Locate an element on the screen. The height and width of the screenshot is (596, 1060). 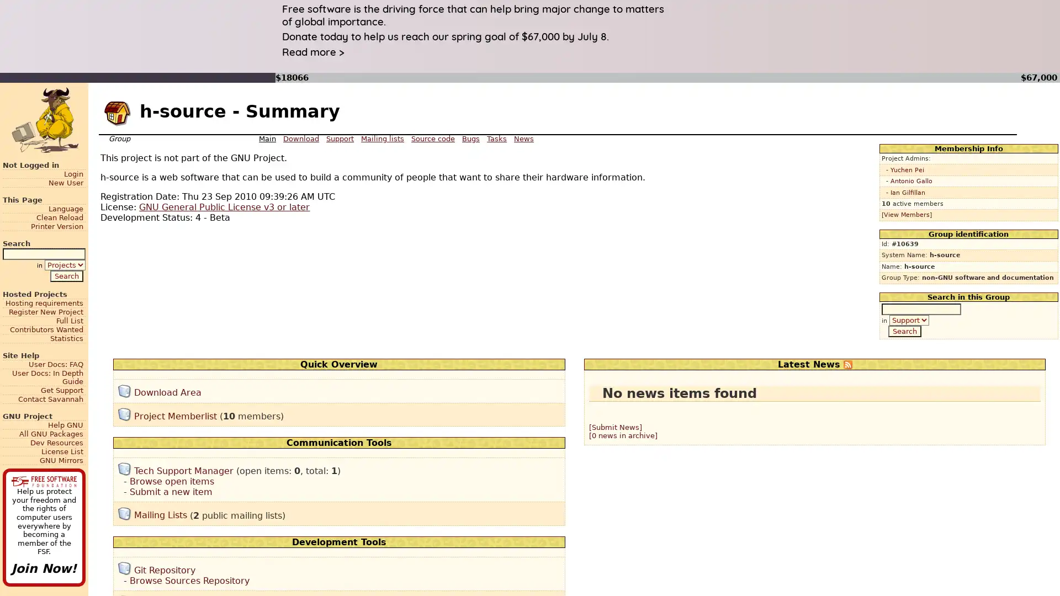
Search is located at coordinates (66, 275).